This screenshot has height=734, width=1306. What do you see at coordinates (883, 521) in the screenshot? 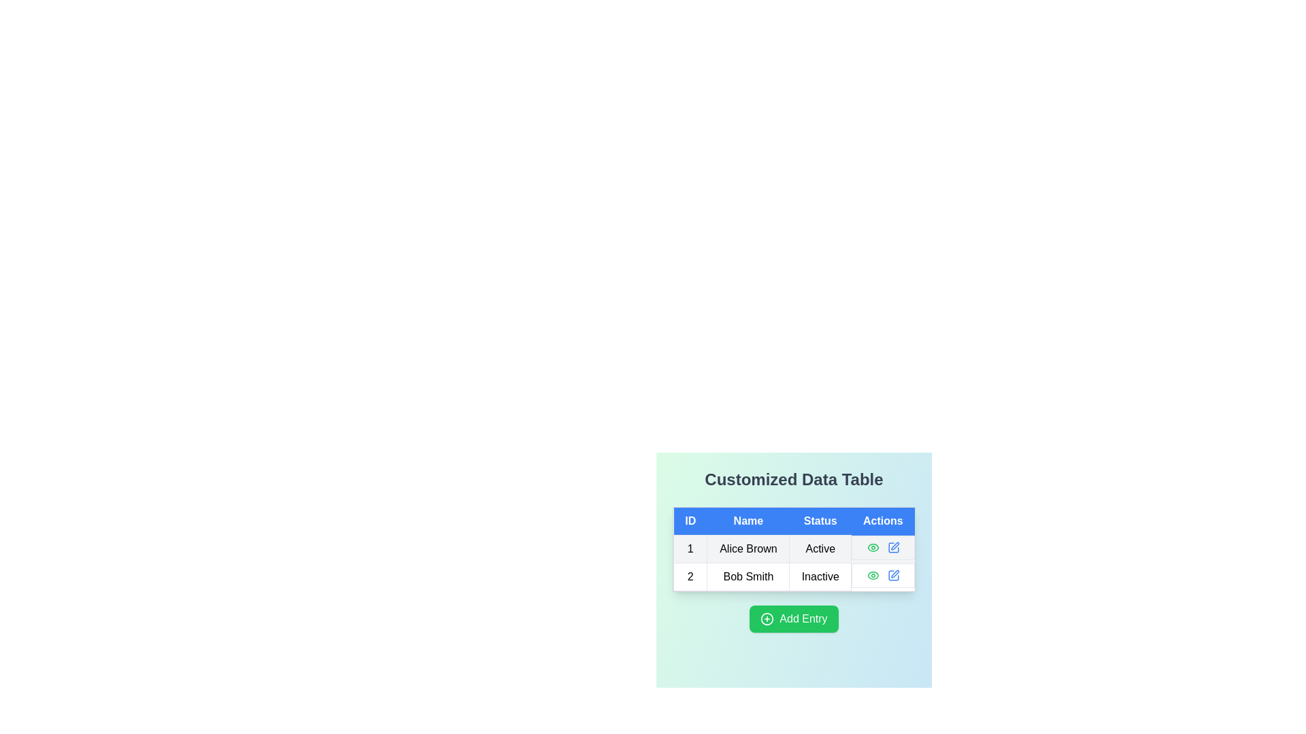
I see `the header label for the 'Actions' column, which is the fourth column in the table, located at the top row` at bounding box center [883, 521].